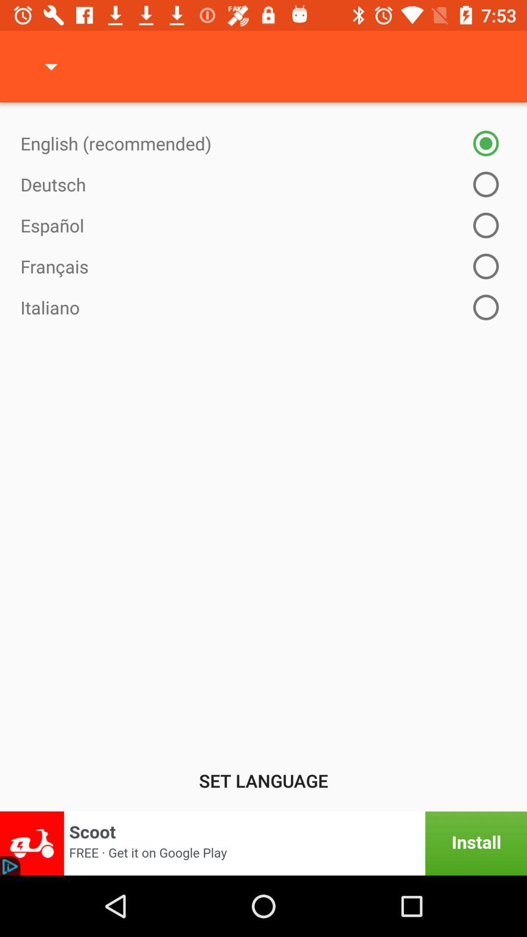 The height and width of the screenshot is (937, 527). Describe the element at coordinates (51, 66) in the screenshot. I see `the icon above english (recommended) item` at that location.